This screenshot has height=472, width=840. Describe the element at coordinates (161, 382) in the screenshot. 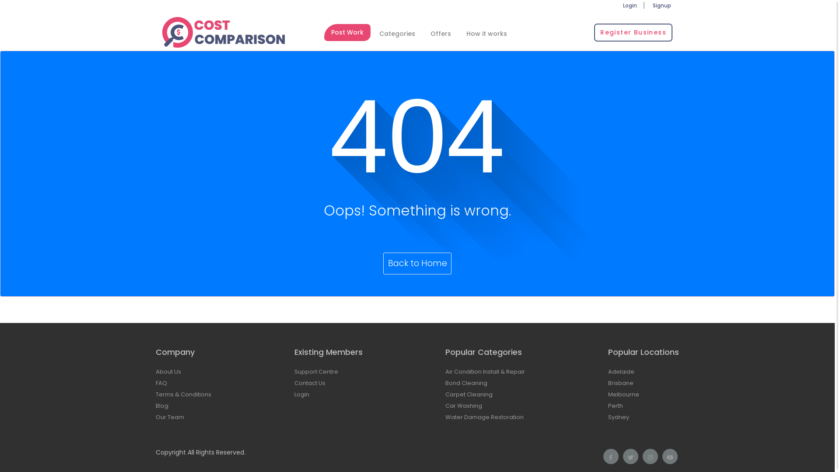

I see `'FAQ'` at that location.